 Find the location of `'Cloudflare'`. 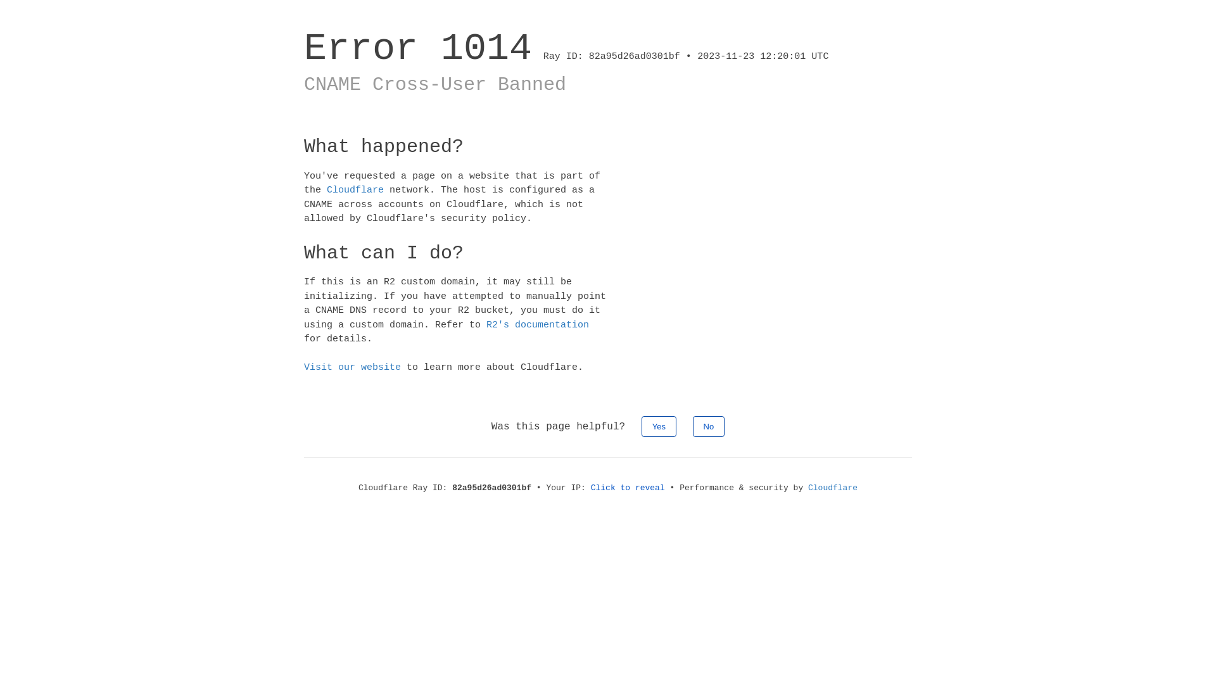

'Cloudflare' is located at coordinates (355, 190).